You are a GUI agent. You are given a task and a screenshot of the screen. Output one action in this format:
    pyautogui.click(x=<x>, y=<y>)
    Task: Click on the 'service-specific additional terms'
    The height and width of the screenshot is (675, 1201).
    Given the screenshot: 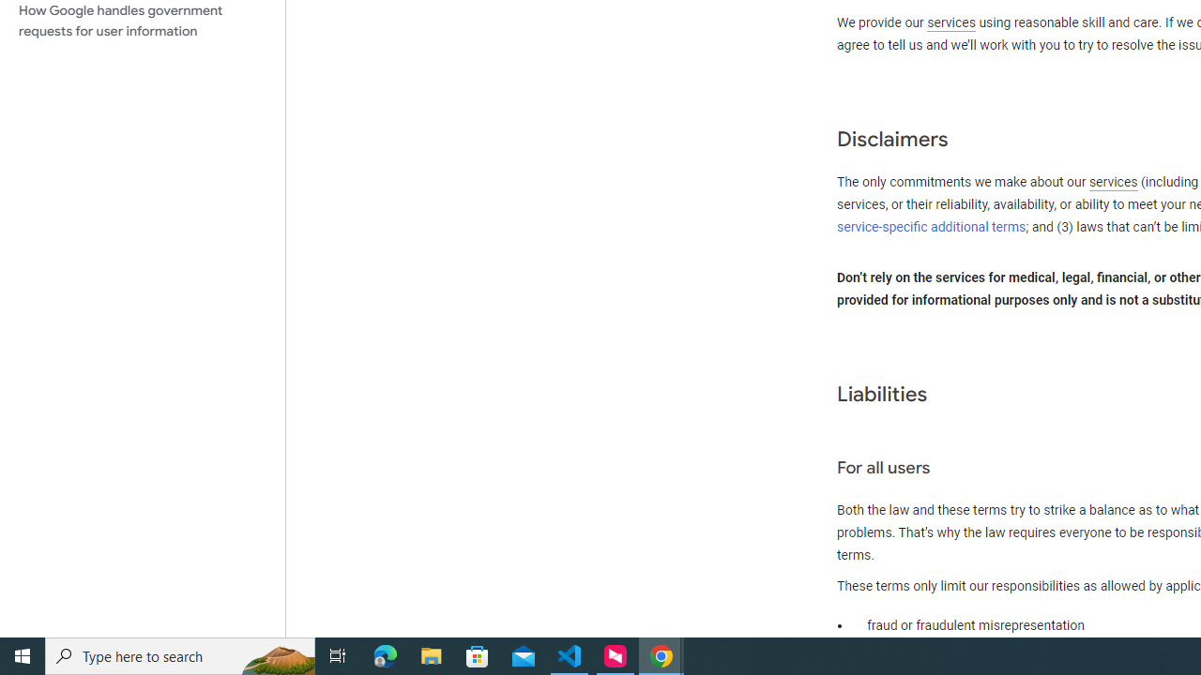 What is the action you would take?
    pyautogui.click(x=932, y=226)
    